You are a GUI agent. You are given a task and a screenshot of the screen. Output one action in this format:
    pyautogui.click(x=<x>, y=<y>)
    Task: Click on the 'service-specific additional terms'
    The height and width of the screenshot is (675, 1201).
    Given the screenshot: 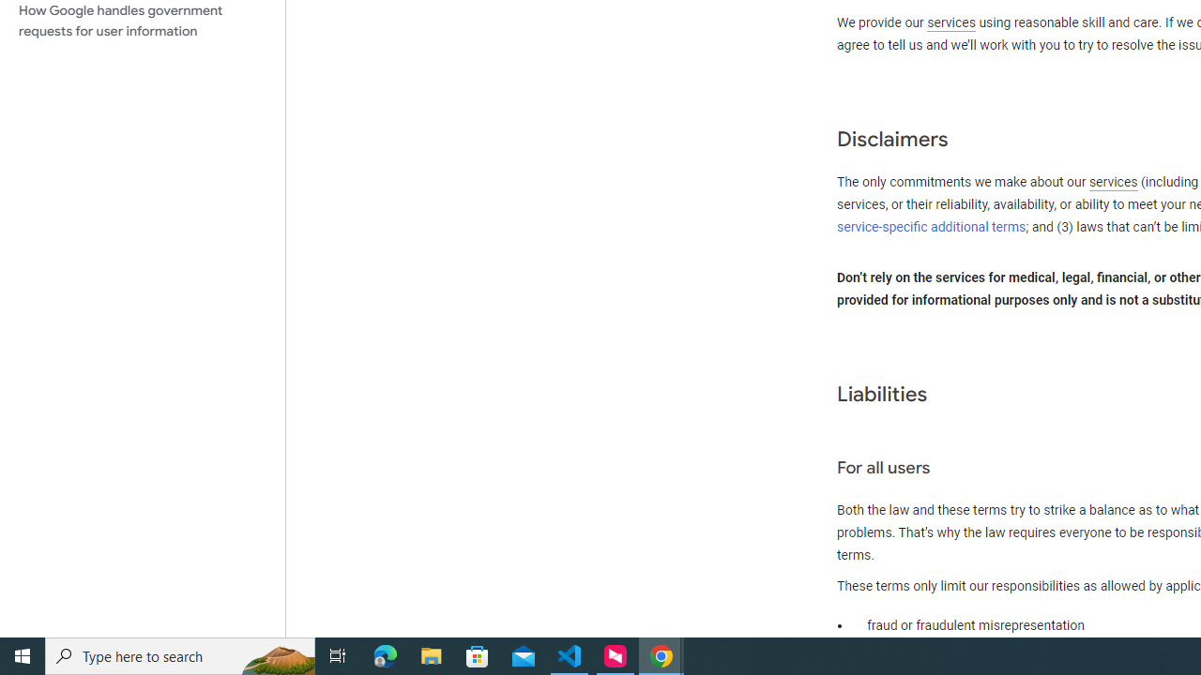 What is the action you would take?
    pyautogui.click(x=932, y=226)
    